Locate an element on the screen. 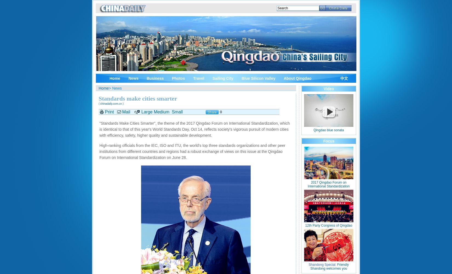 The width and height of the screenshot is (452, 274). '( chinadaily.com.cn )' is located at coordinates (111, 104).